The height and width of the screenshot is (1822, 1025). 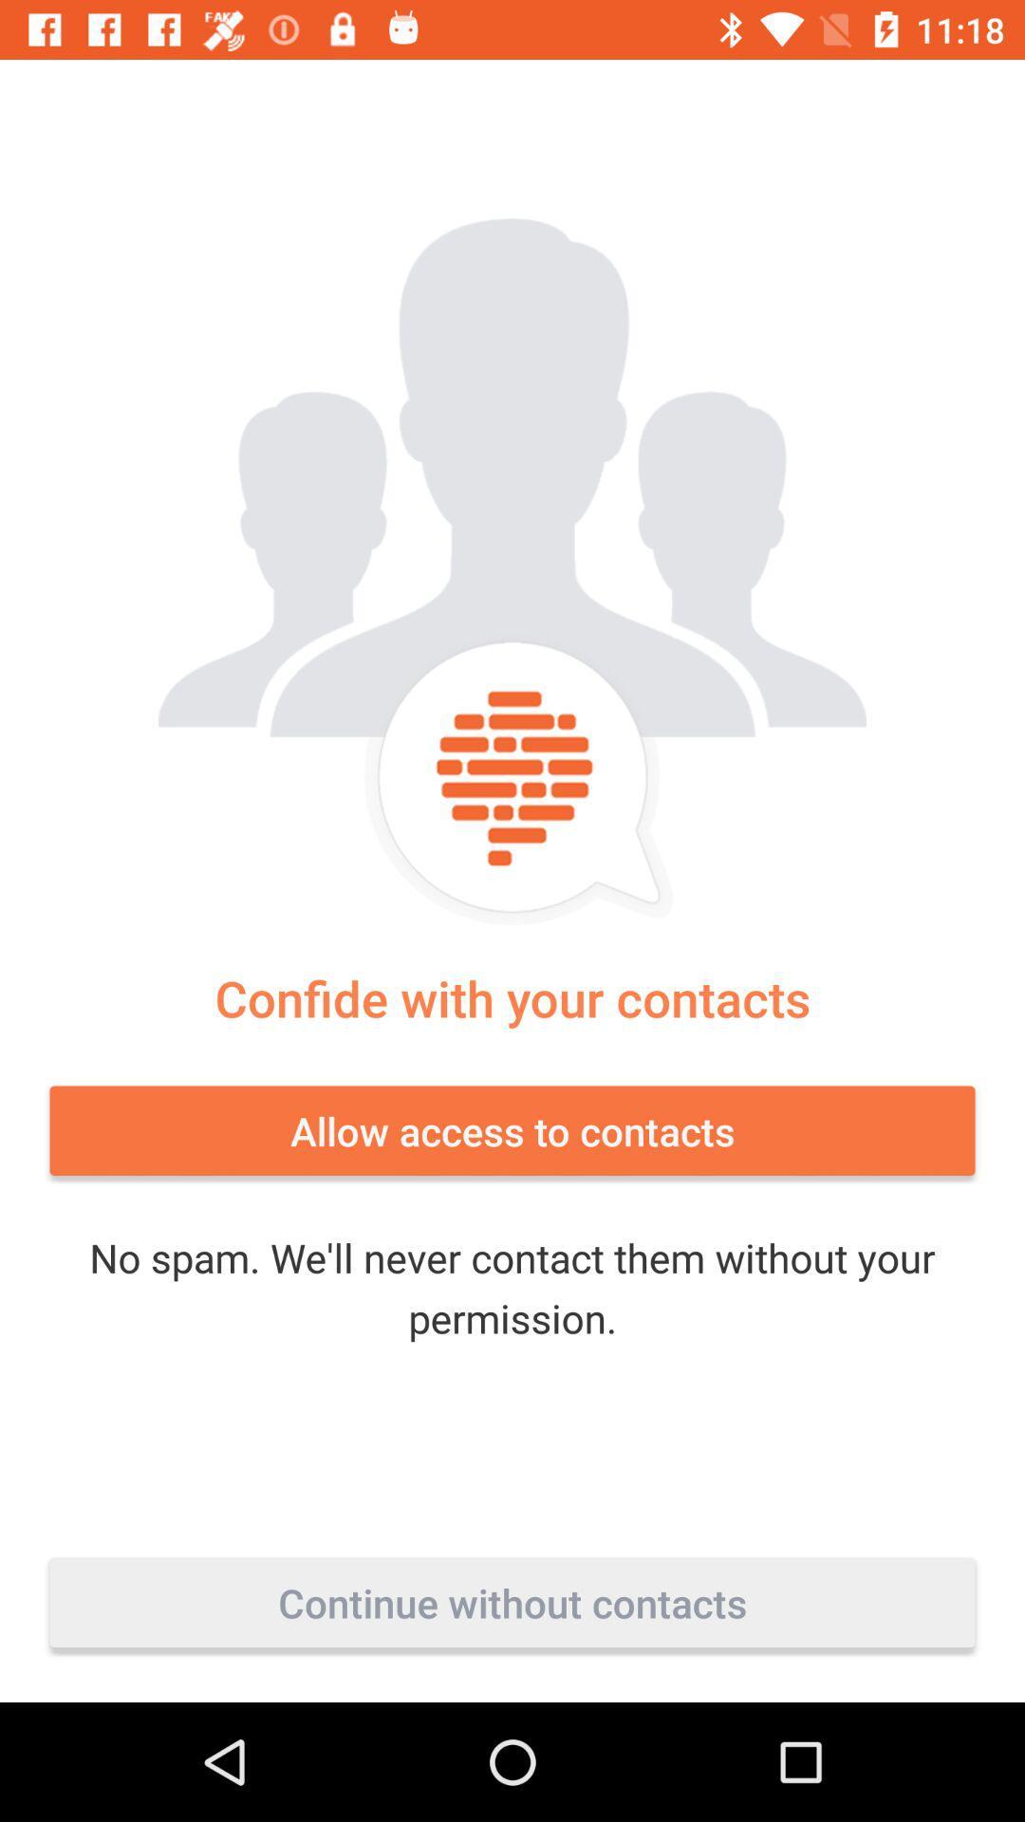 What do you see at coordinates (512, 1130) in the screenshot?
I see `the allow access to icon` at bounding box center [512, 1130].